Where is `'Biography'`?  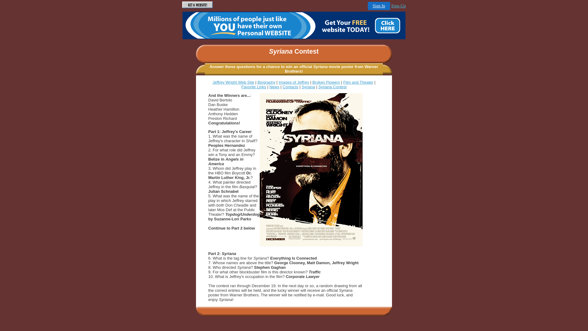 'Biography' is located at coordinates (266, 82).